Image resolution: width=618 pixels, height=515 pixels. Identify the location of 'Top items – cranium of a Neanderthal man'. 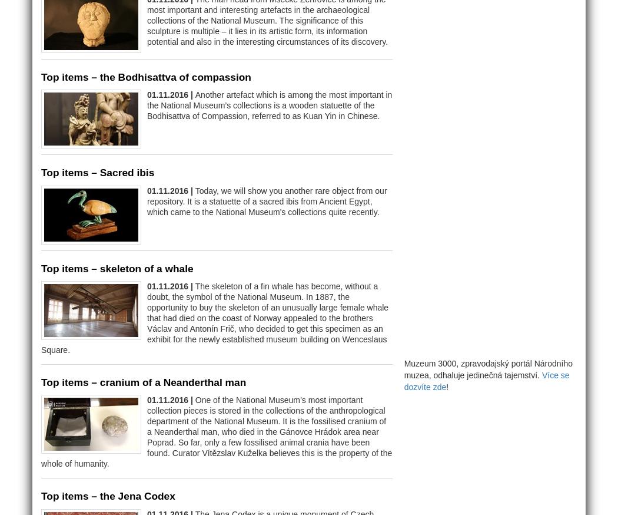
(144, 381).